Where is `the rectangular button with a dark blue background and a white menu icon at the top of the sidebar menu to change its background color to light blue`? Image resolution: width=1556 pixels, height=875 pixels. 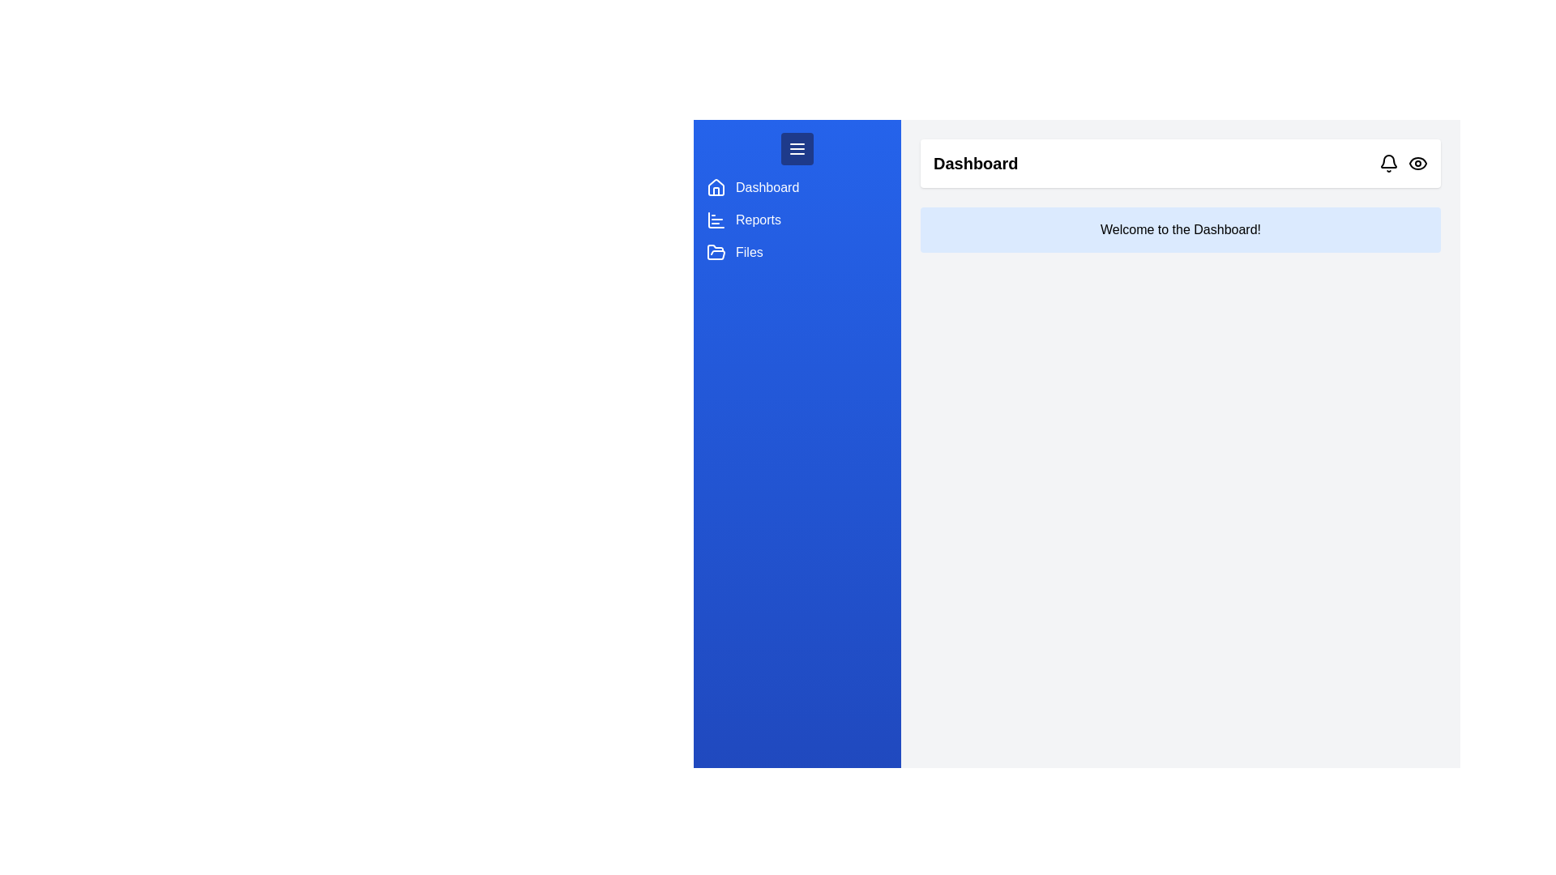 the rectangular button with a dark blue background and a white menu icon at the top of the sidebar menu to change its background color to light blue is located at coordinates (797, 149).